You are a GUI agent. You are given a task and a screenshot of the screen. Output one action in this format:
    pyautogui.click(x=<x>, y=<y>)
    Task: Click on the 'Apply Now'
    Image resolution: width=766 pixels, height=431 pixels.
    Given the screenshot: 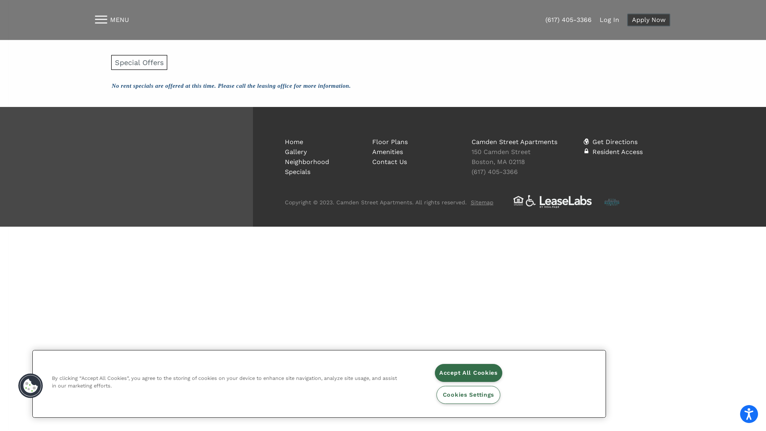 What is the action you would take?
    pyautogui.click(x=649, y=20)
    